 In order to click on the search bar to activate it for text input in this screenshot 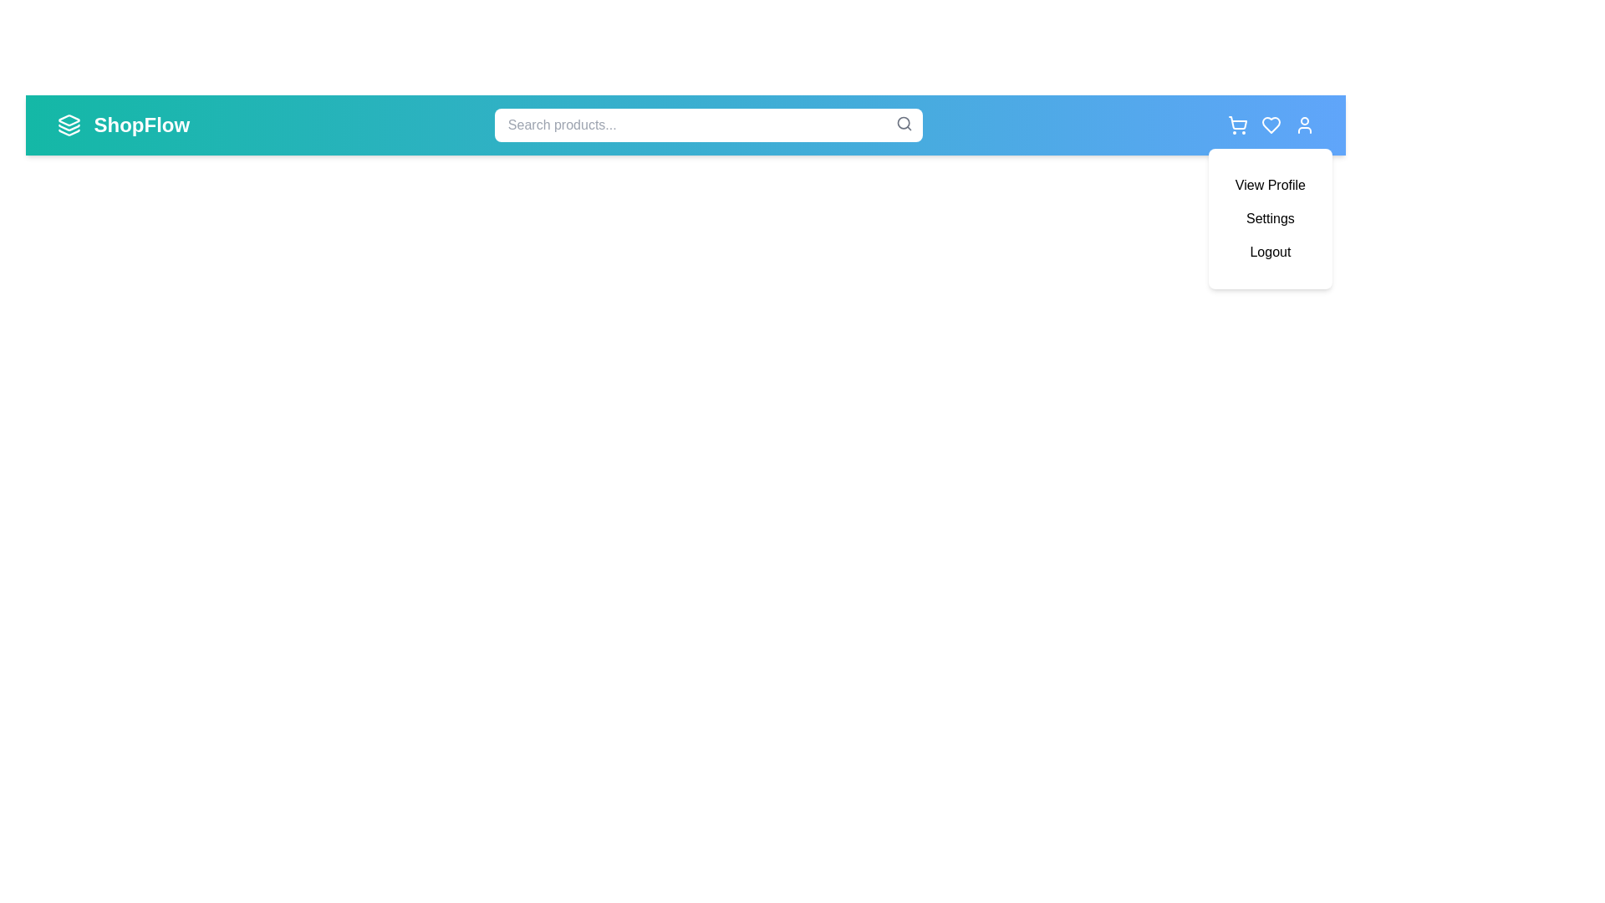, I will do `click(708, 125)`.